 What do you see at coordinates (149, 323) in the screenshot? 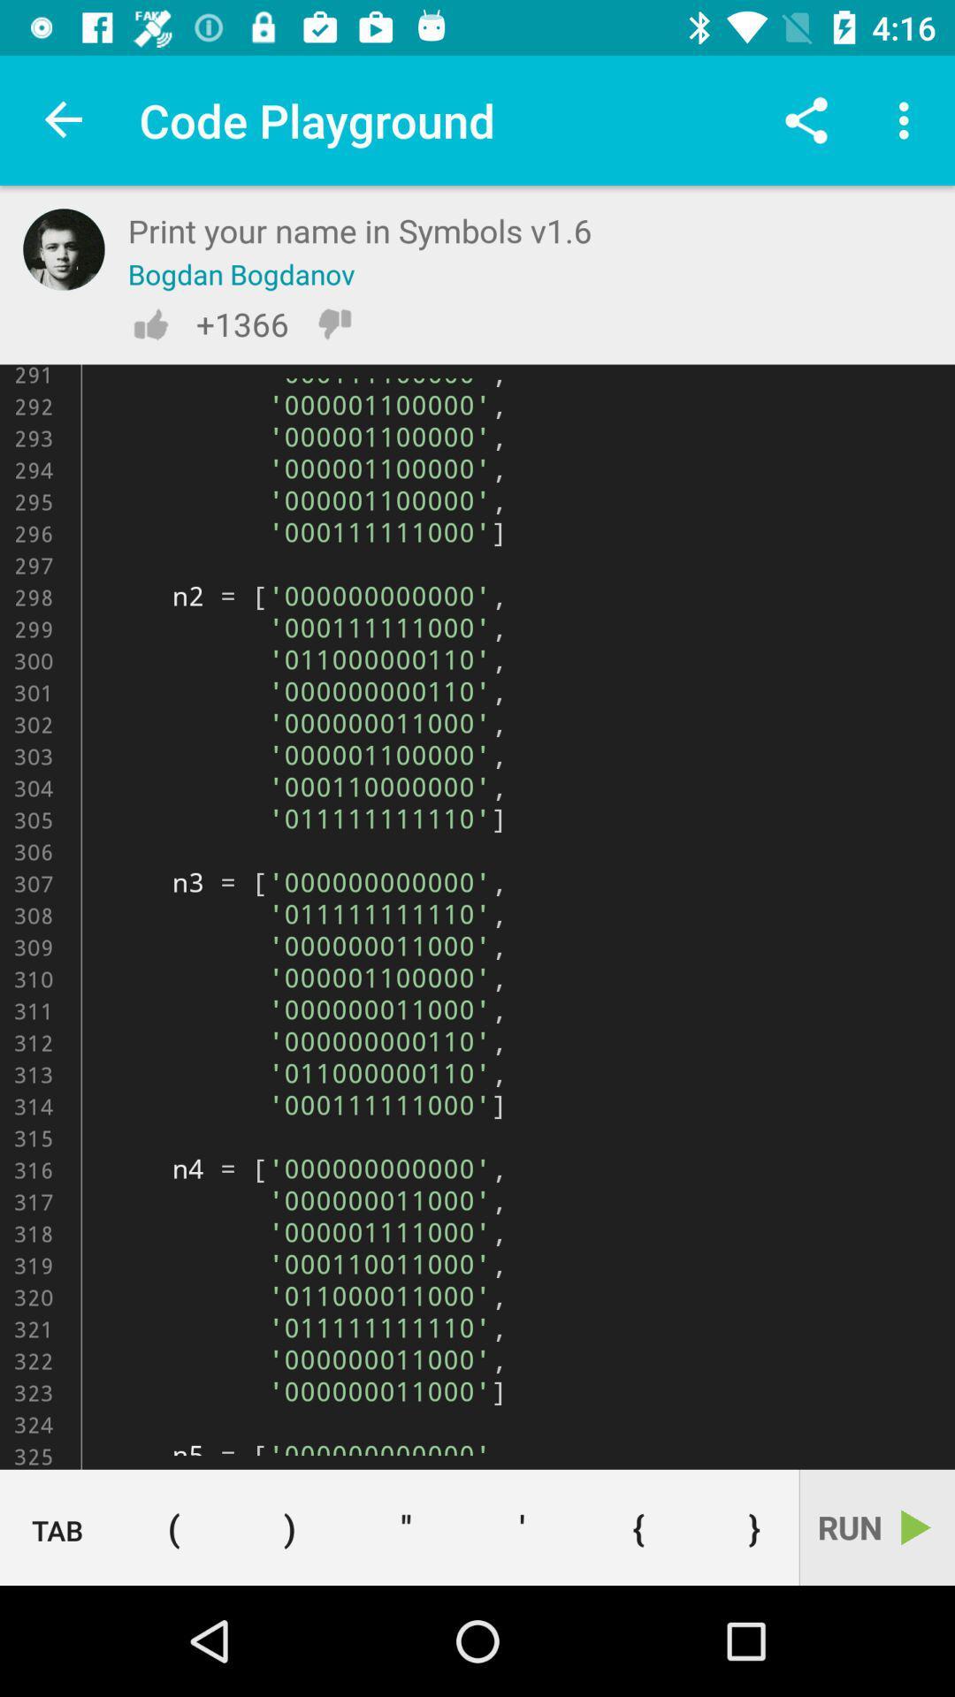
I see `like post` at bounding box center [149, 323].